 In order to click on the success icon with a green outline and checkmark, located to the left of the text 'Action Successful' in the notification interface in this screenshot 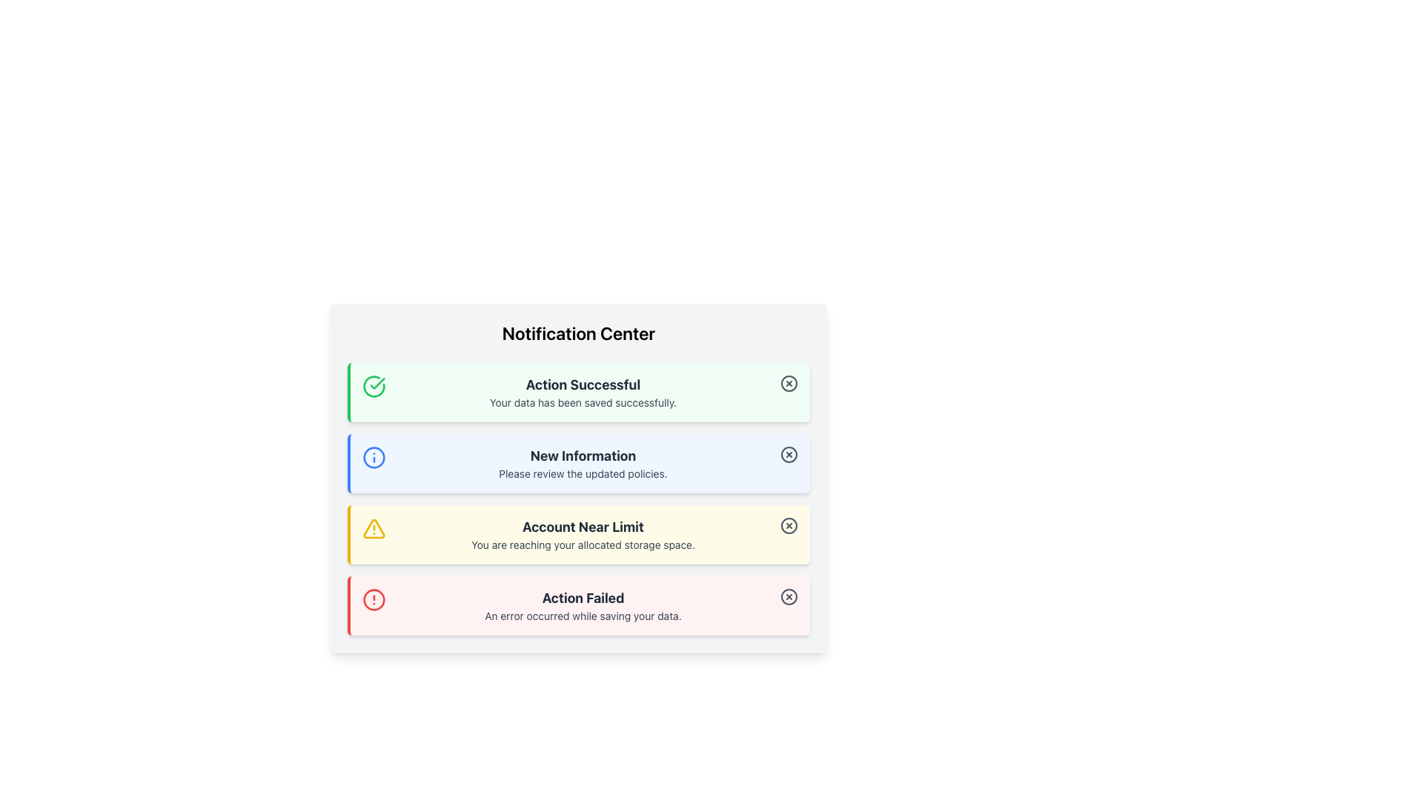, I will do `click(374, 385)`.